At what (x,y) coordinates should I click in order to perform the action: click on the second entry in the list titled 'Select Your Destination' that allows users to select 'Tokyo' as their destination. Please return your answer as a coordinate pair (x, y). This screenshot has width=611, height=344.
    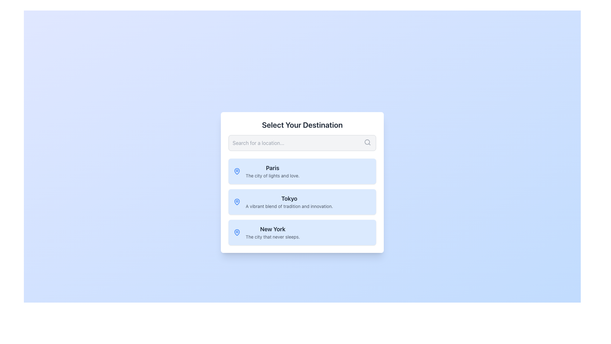
    Looking at the image, I should click on (302, 202).